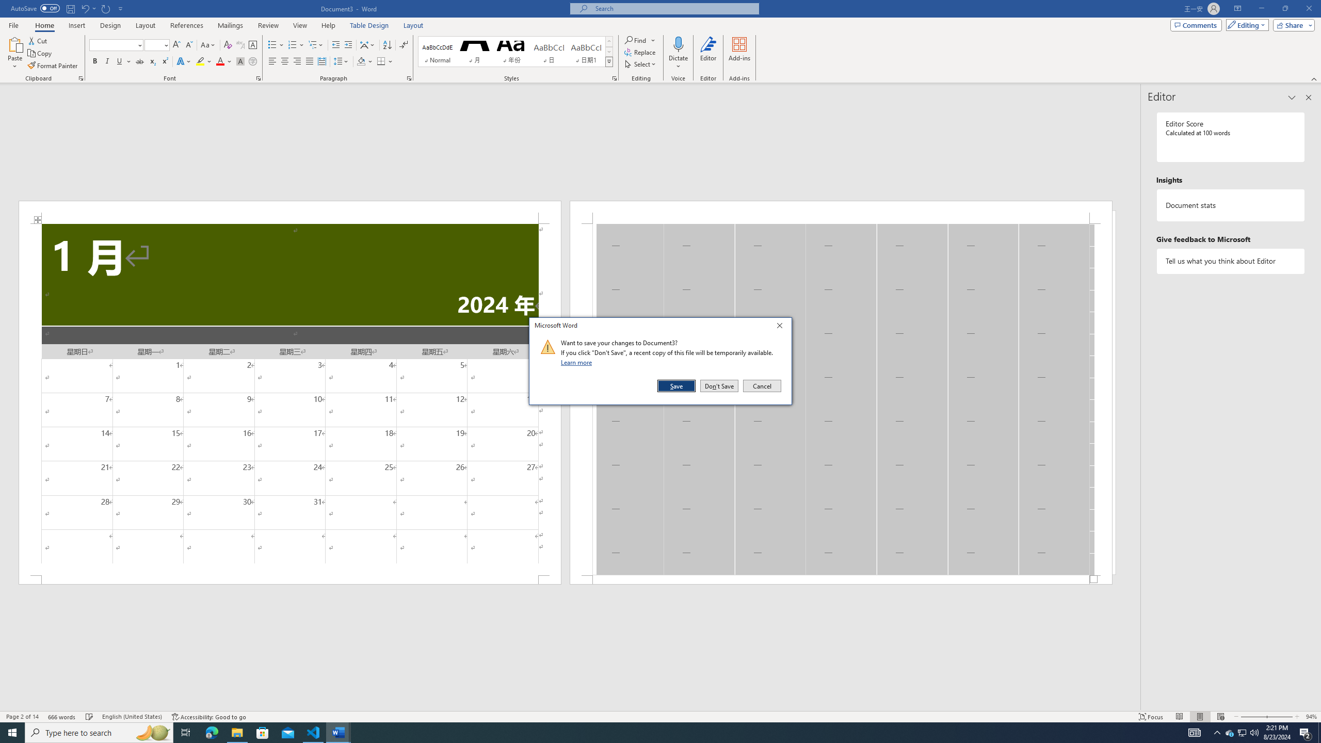  Describe the element at coordinates (1285, 8) in the screenshot. I see `'Restore Down'` at that location.